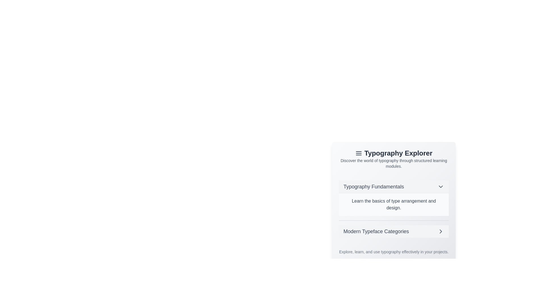 This screenshot has width=545, height=306. I want to click on the 'Typography Fundamentals' button, which is styled with a bold, medium-gray font and changes color on hover, so click(393, 187).